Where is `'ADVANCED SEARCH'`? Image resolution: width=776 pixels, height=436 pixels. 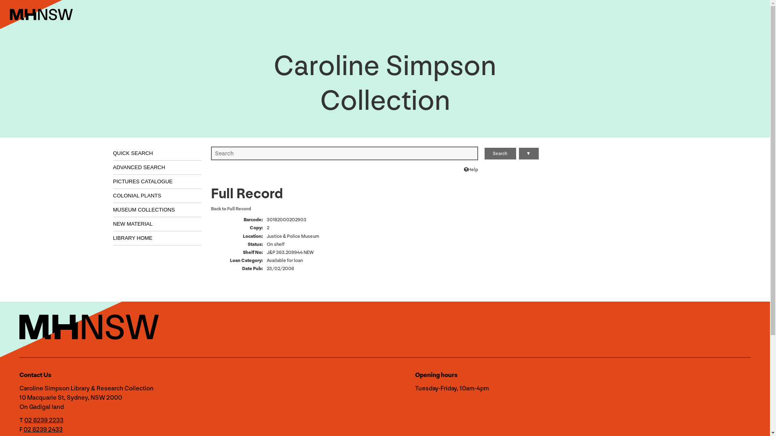 'ADVANCED SEARCH' is located at coordinates (157, 167).